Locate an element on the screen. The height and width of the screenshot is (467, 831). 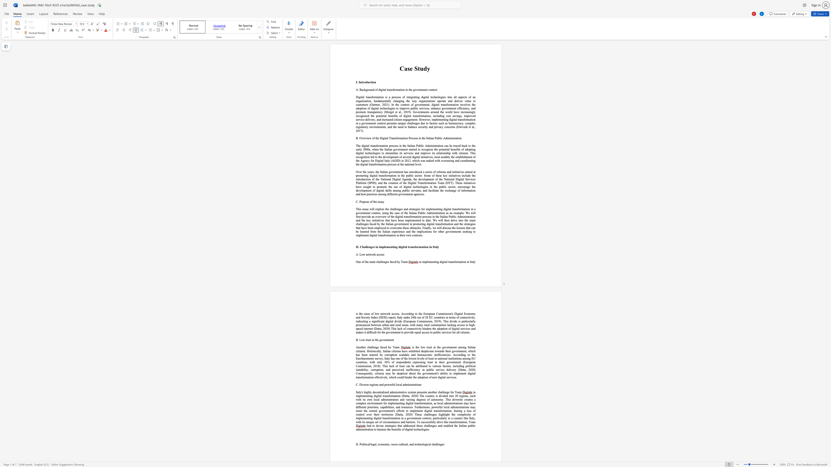
the 3th character "," in the text is located at coordinates (408, 444).